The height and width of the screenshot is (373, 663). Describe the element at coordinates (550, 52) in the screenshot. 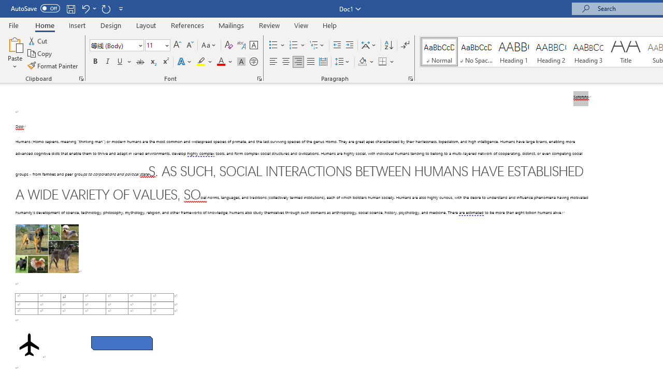

I see `'Heading 2'` at that location.